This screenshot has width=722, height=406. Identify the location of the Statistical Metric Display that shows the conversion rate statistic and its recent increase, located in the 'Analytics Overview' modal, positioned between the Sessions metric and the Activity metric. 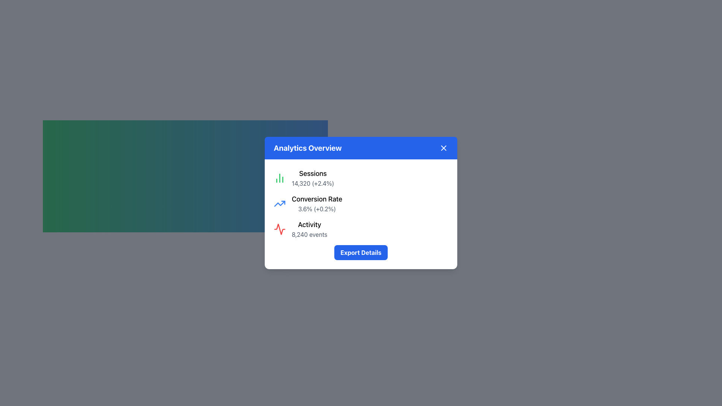
(361, 204).